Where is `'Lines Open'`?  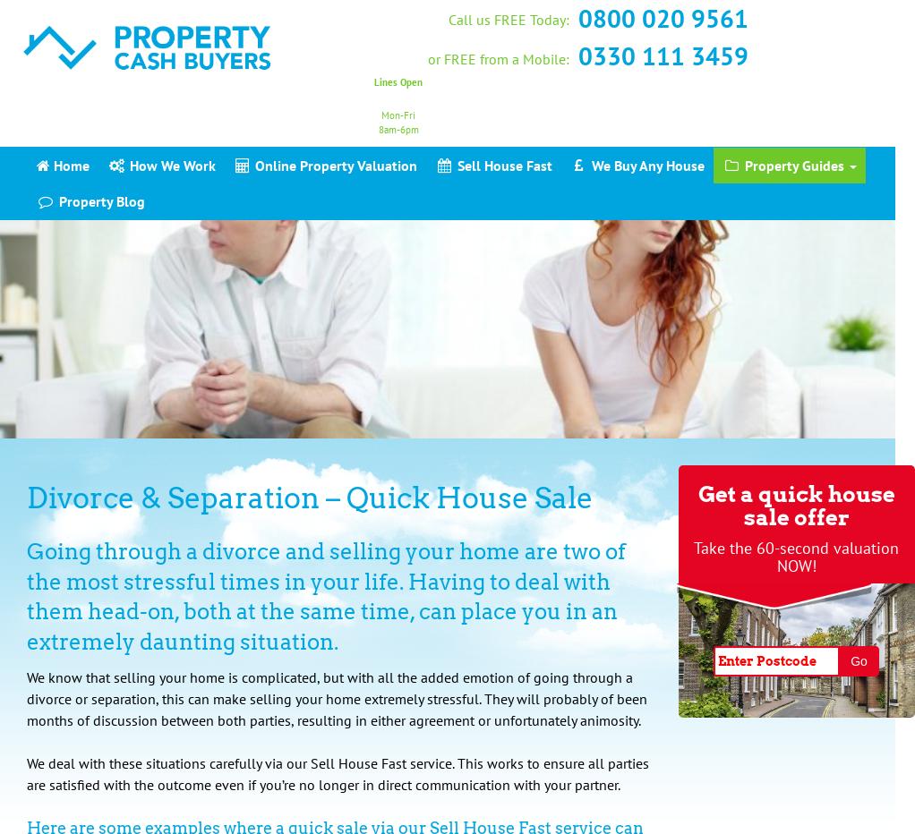
'Lines Open' is located at coordinates (397, 81).